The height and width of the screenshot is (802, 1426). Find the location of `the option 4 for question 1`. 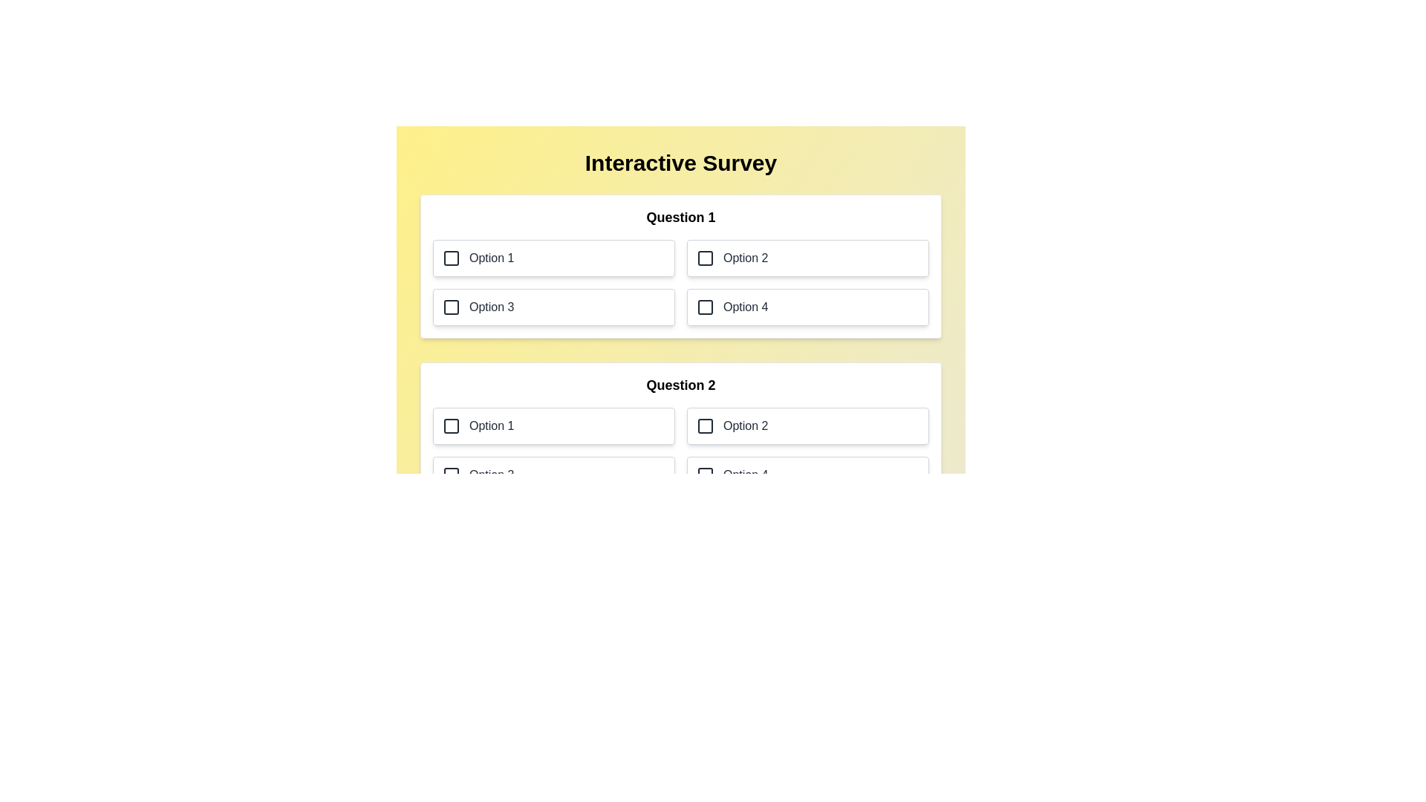

the option 4 for question 1 is located at coordinates (807, 306).